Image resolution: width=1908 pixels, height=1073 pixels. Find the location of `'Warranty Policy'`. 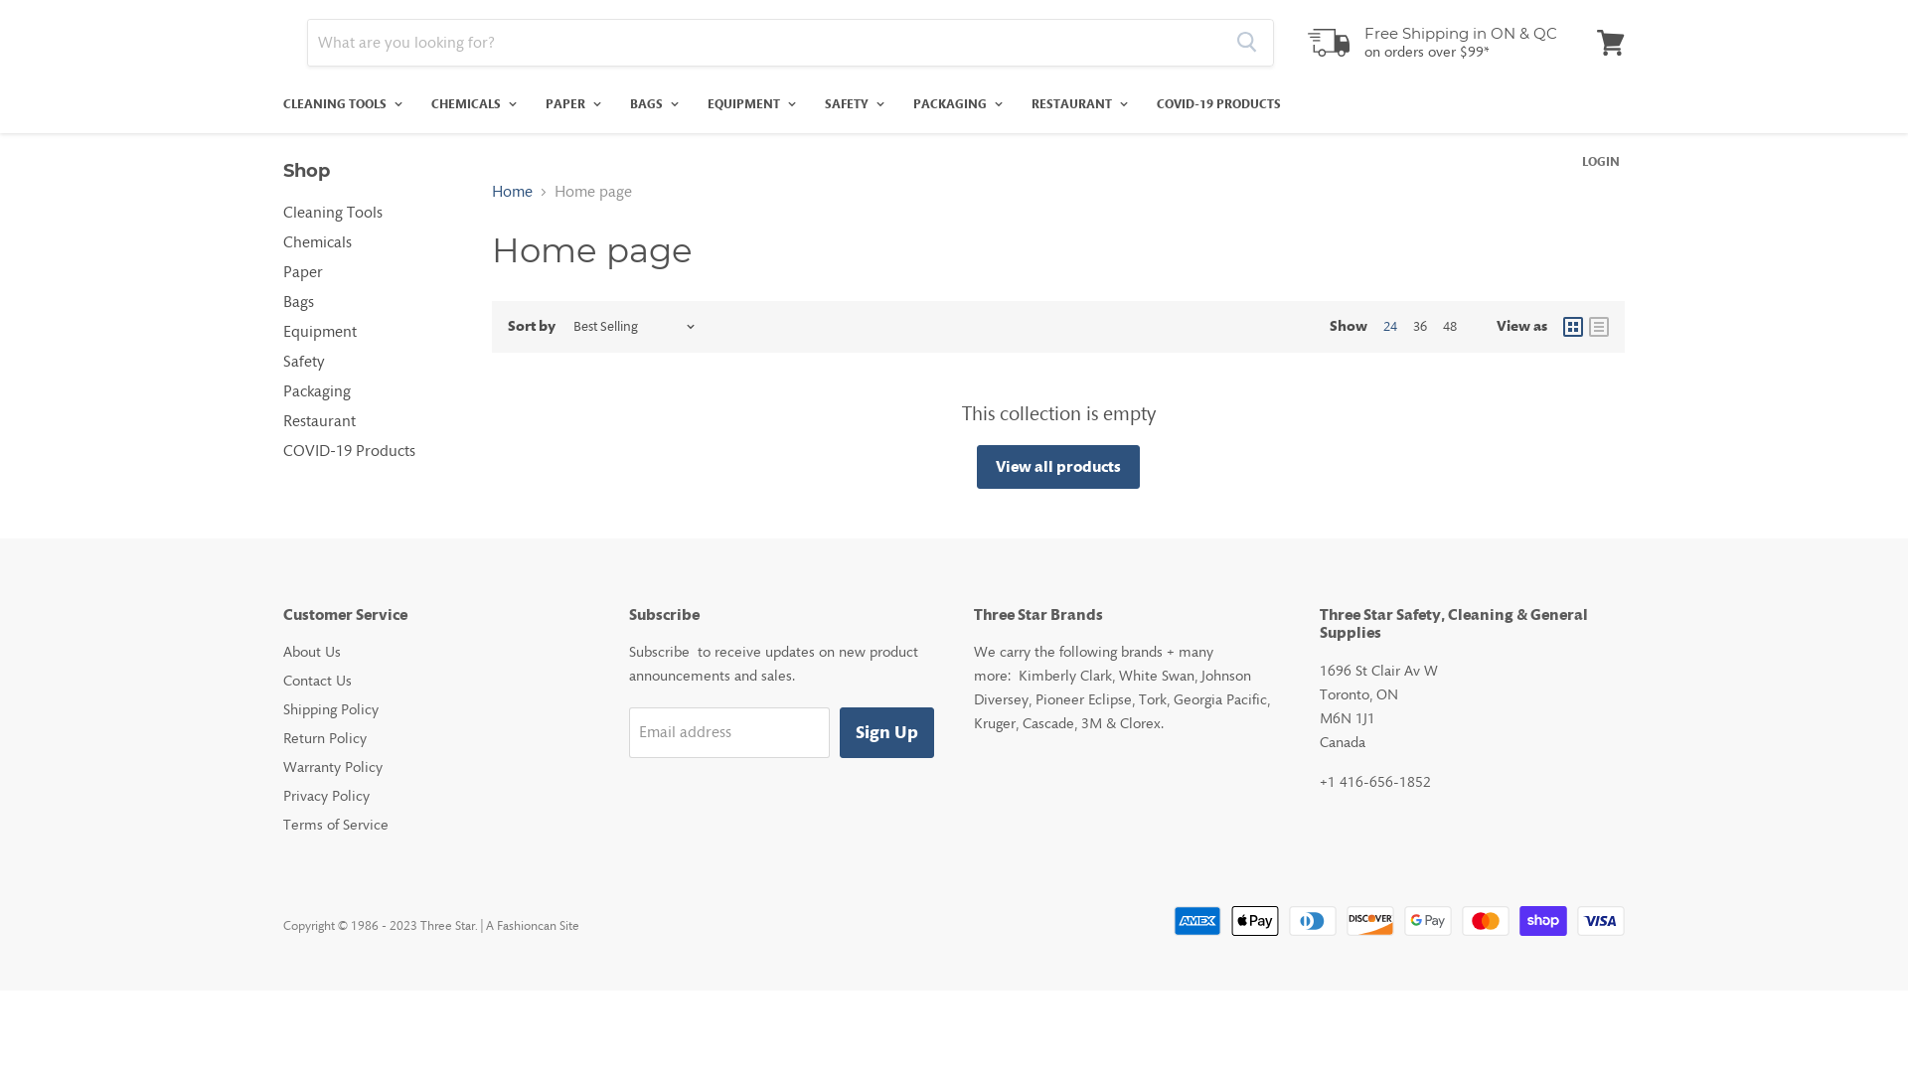

'Warranty Policy' is located at coordinates (281, 765).